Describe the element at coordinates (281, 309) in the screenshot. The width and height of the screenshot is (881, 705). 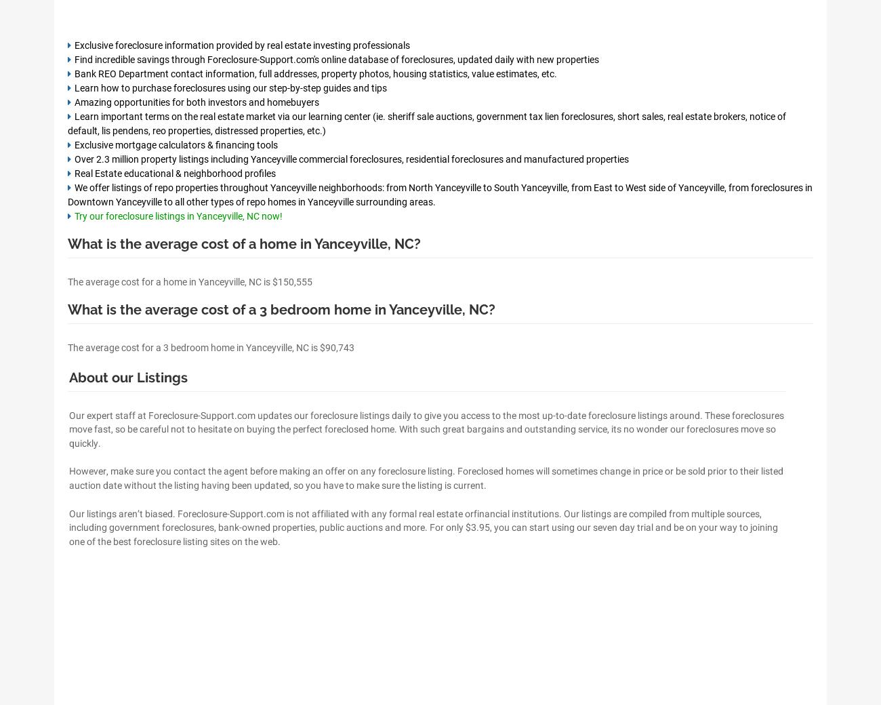
I see `'What is the average cost of a 3 bedroom home in Yanceyville, NC?'` at that location.